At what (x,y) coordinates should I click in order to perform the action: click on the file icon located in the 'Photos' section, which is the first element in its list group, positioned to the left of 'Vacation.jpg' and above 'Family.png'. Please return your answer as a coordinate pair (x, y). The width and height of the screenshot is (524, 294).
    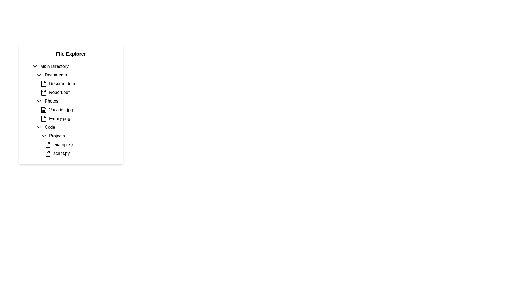
    Looking at the image, I should click on (43, 110).